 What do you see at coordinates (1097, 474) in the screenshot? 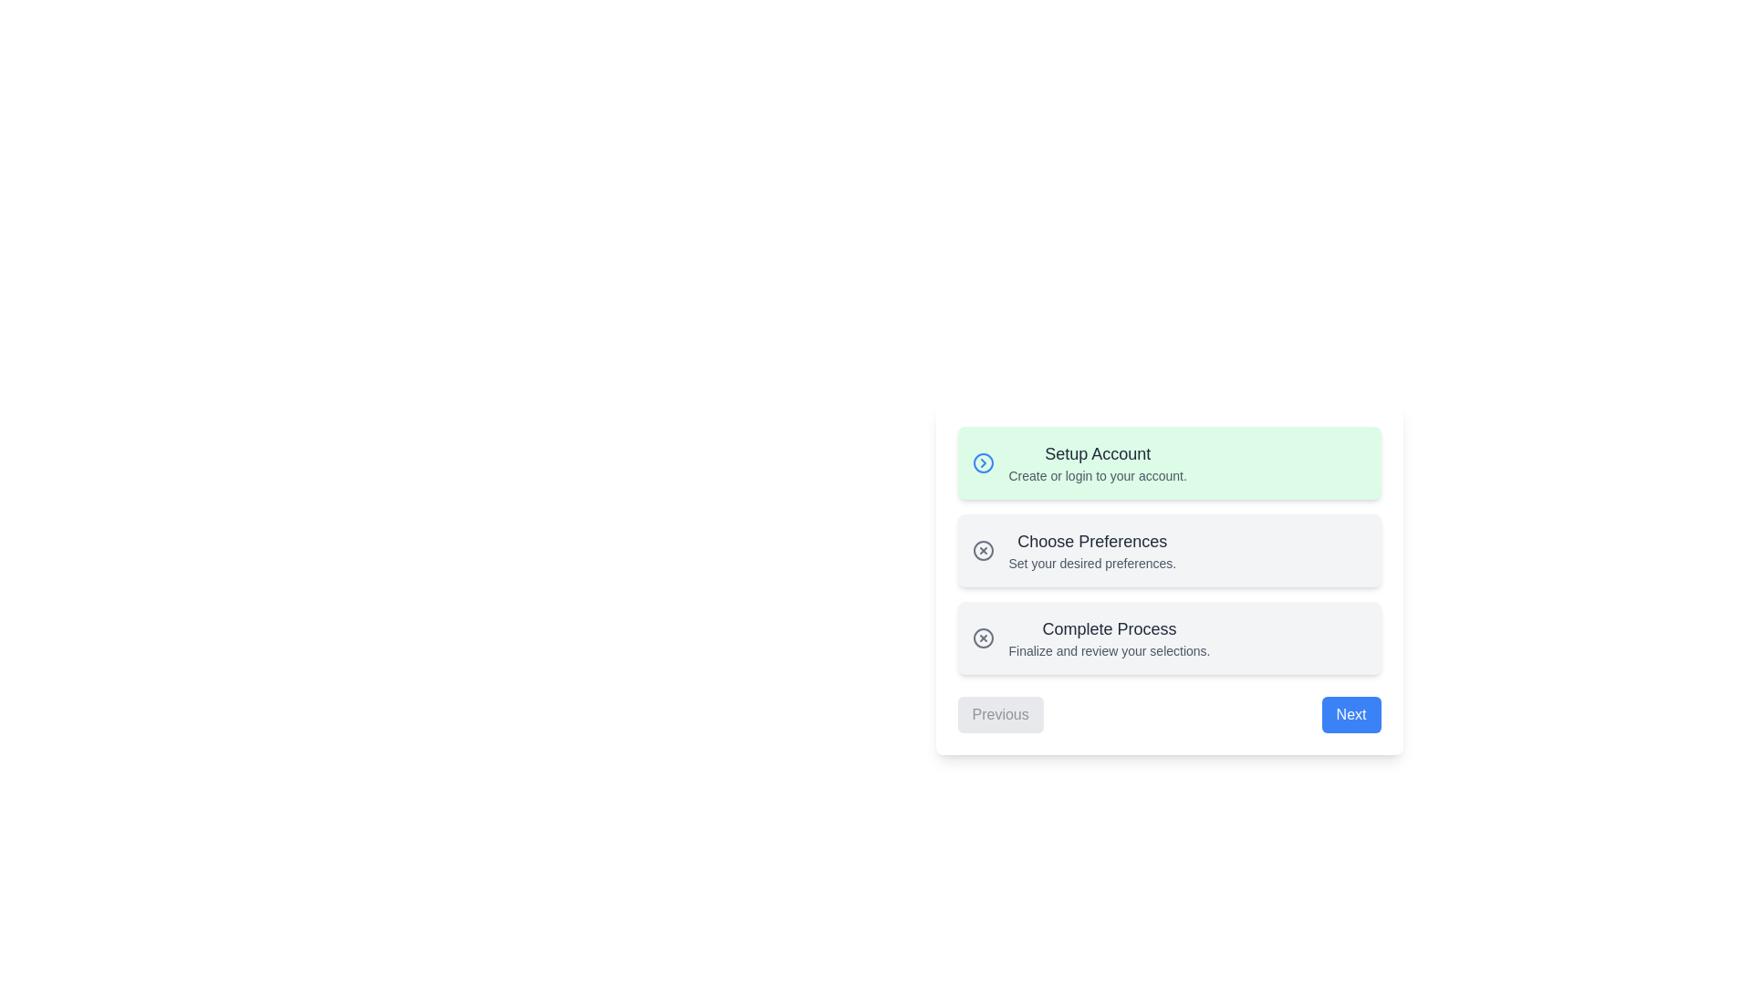
I see `the descriptive text element located below the 'Setup Account' heading in the first step of the vertical progress list` at bounding box center [1097, 474].